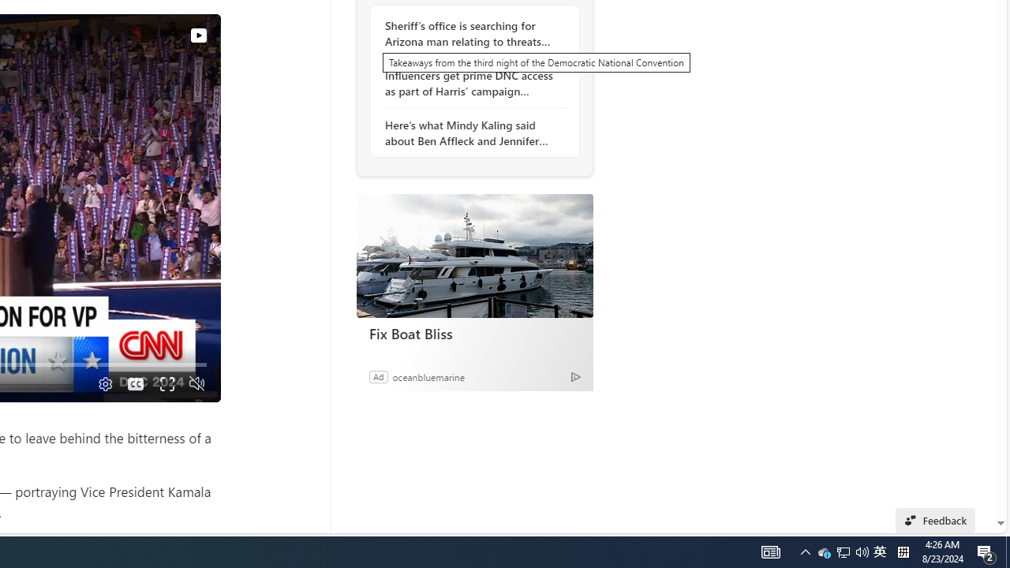  What do you see at coordinates (428, 376) in the screenshot?
I see `'oceanbluemarine'` at bounding box center [428, 376].